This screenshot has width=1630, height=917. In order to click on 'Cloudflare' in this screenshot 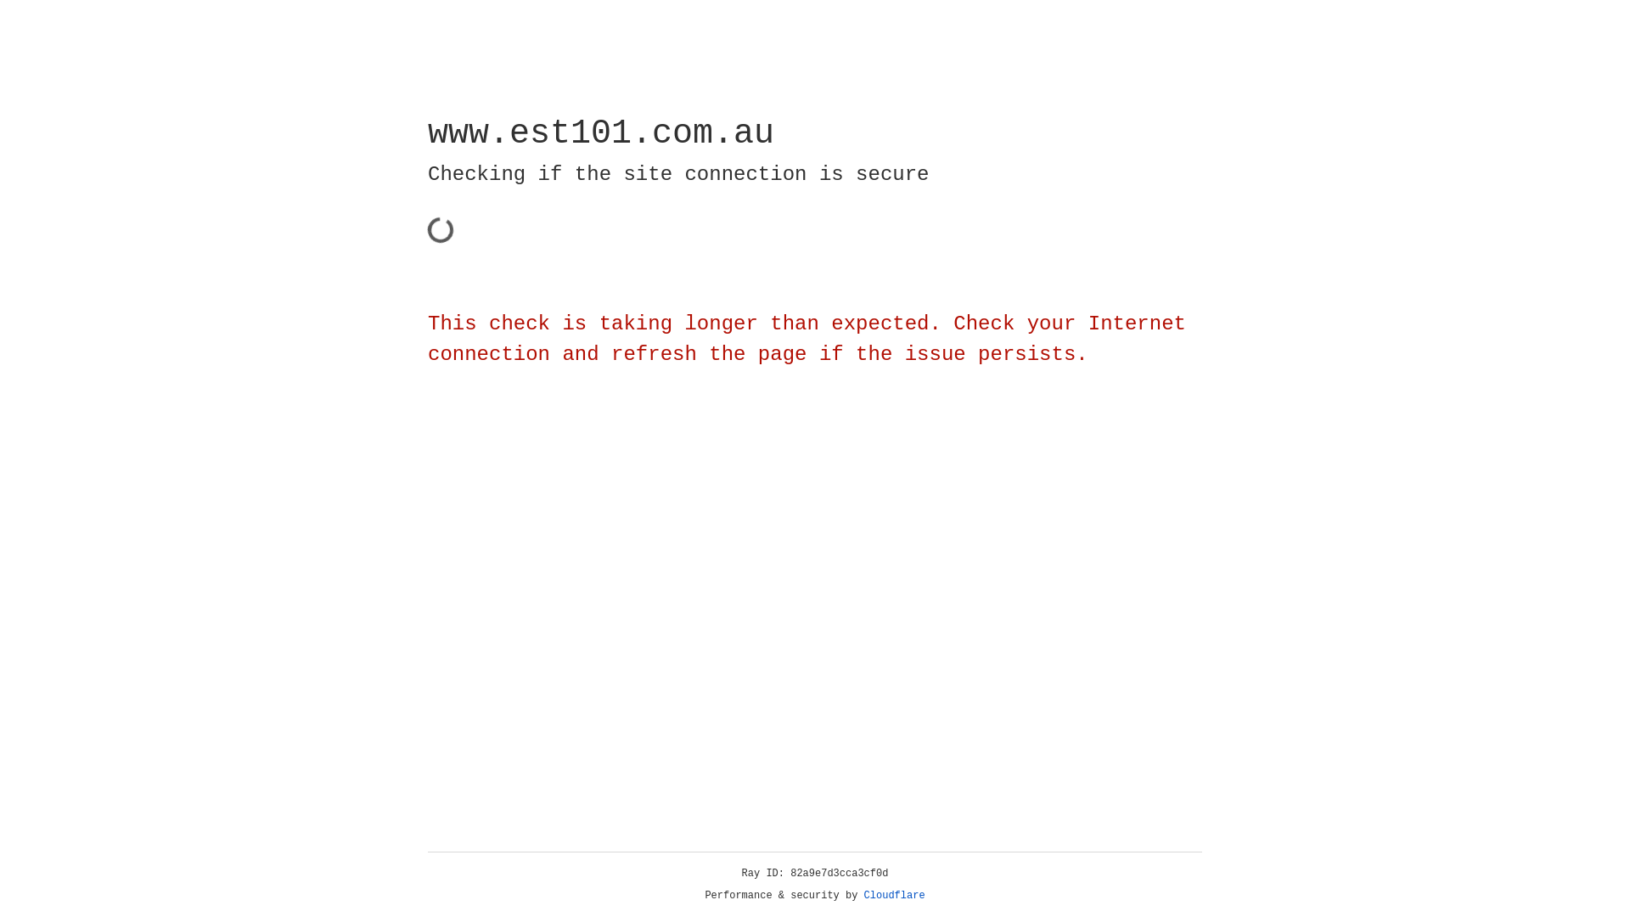, I will do `click(894, 895)`.